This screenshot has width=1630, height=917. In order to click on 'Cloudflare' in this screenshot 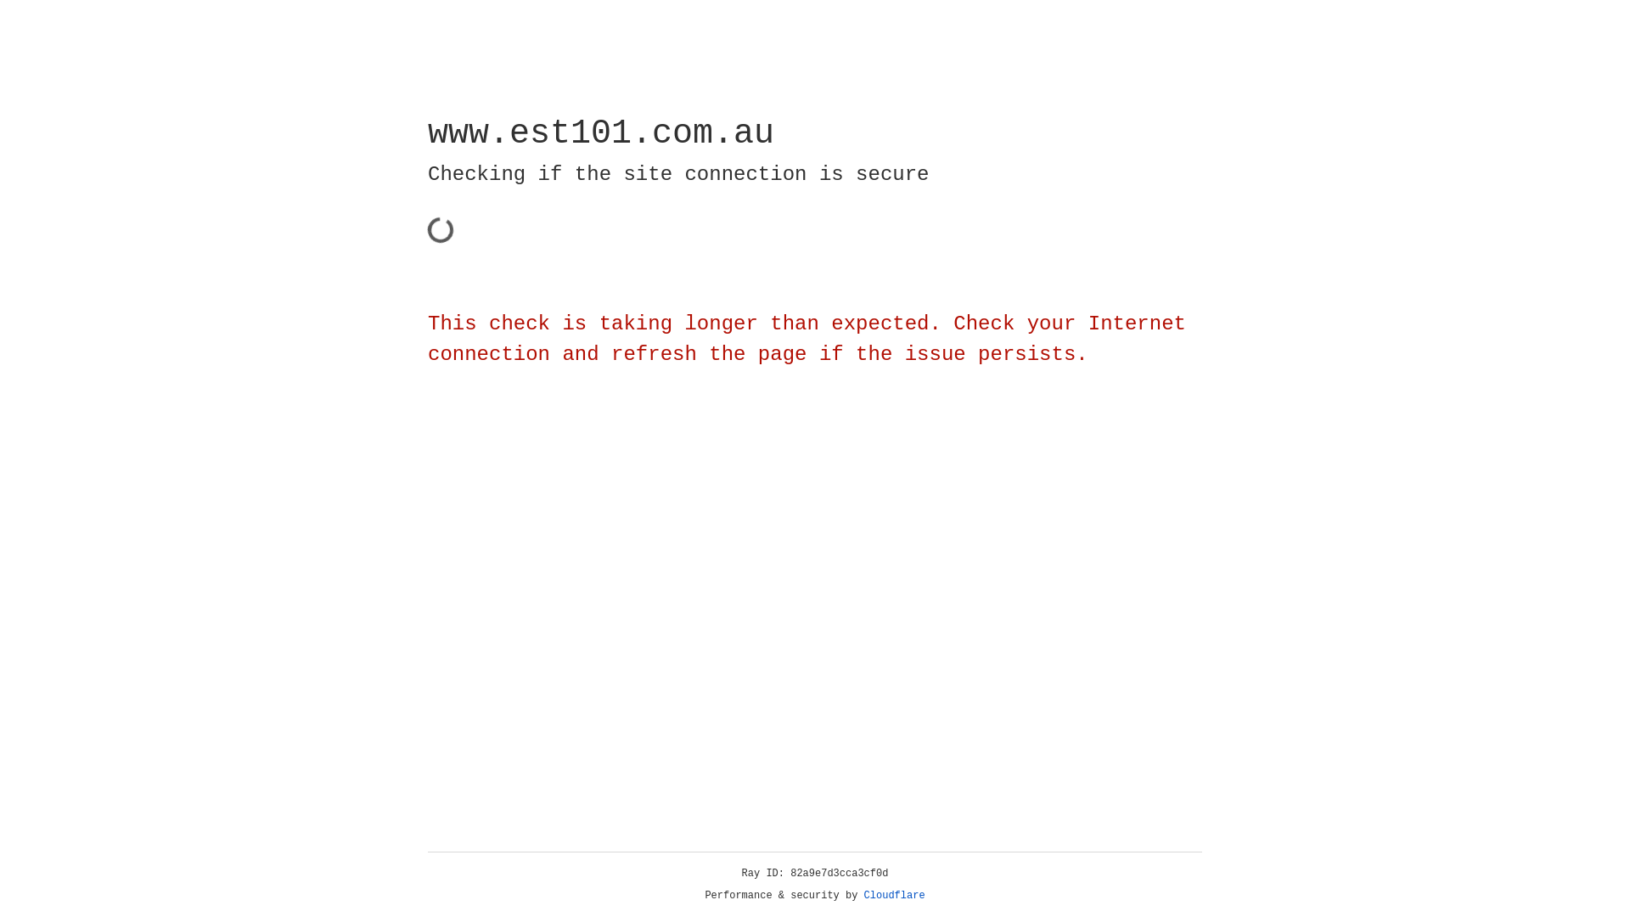, I will do `click(894, 895)`.